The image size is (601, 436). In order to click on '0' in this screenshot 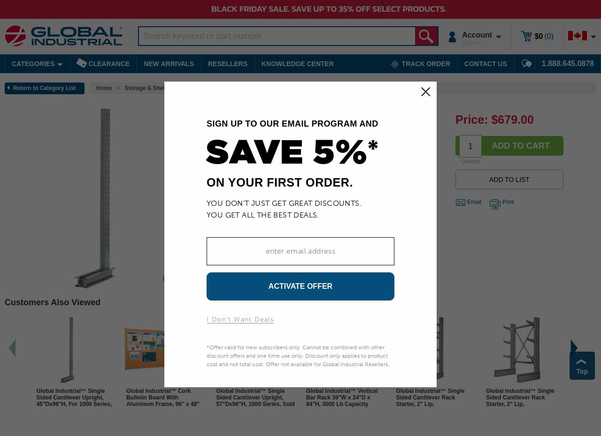, I will do `click(548, 35)`.